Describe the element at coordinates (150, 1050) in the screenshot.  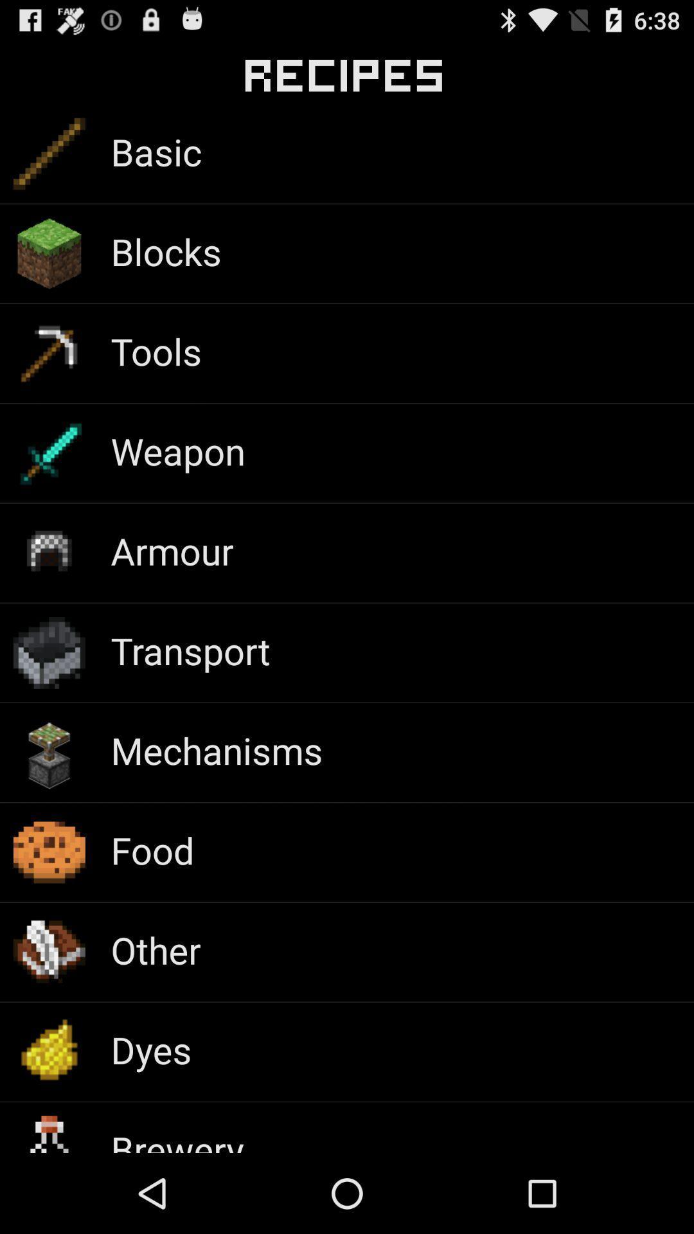
I see `dyes` at that location.